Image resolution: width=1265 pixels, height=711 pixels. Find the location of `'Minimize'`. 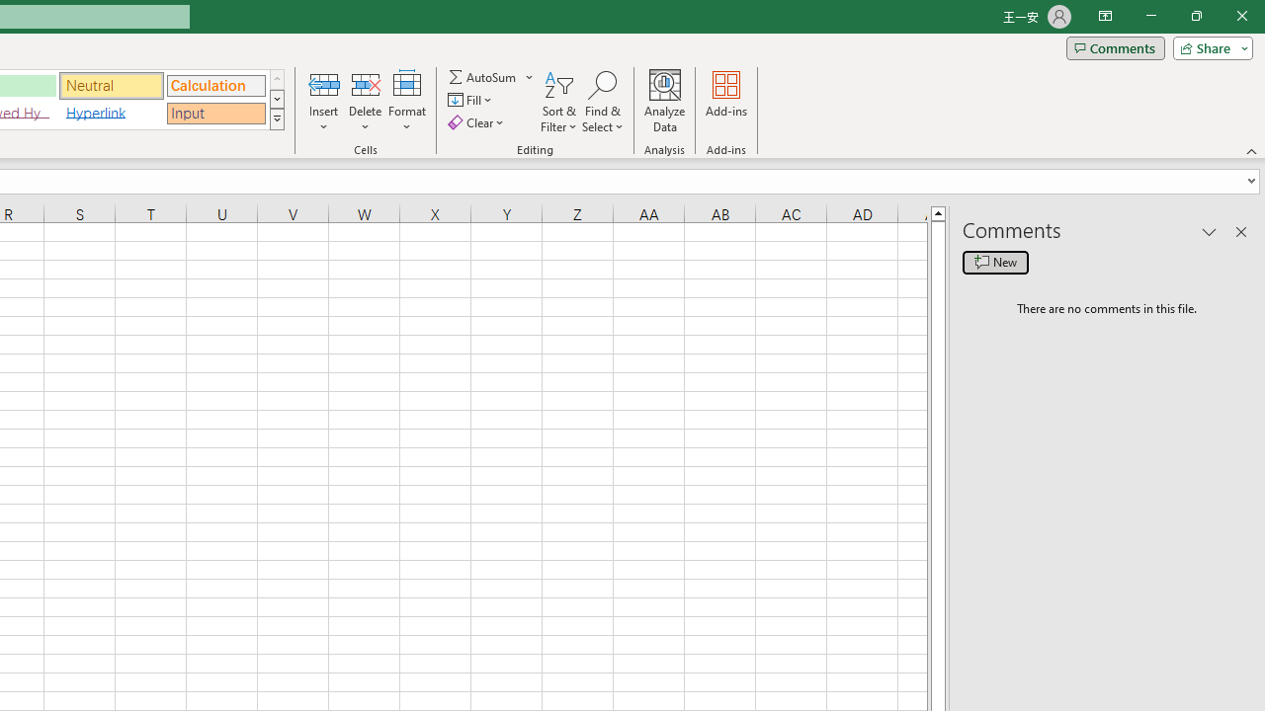

'Minimize' is located at coordinates (1150, 16).